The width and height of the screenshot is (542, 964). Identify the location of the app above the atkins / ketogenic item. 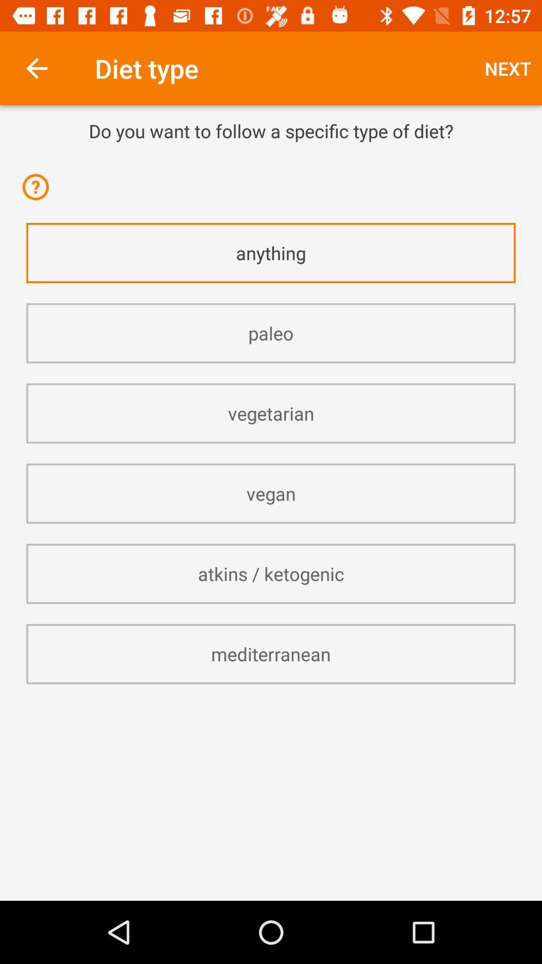
(271, 494).